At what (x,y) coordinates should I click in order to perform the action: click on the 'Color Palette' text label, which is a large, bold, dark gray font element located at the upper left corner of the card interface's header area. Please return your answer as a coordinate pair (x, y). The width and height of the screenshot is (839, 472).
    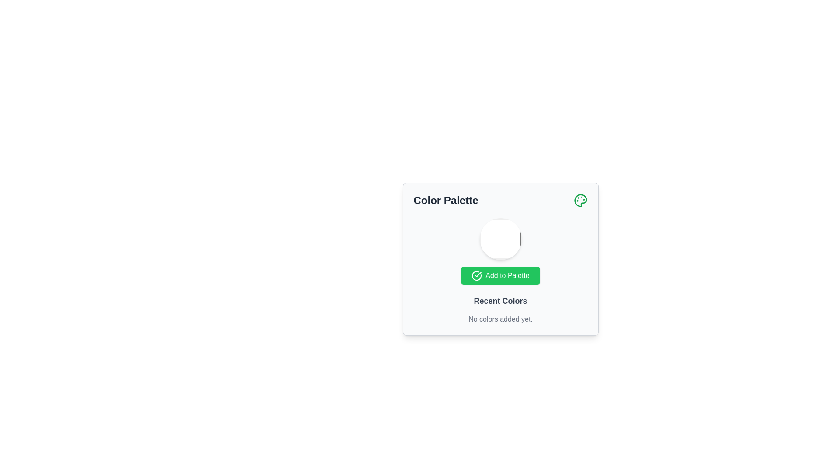
    Looking at the image, I should click on (446, 201).